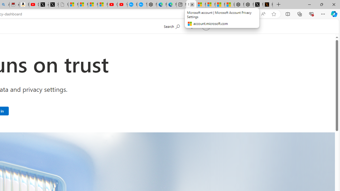 This screenshot has width=340, height=191. What do you see at coordinates (191, 5) in the screenshot?
I see `'Microsoft account | Microsoft Account Privacy Settings'` at bounding box center [191, 5].